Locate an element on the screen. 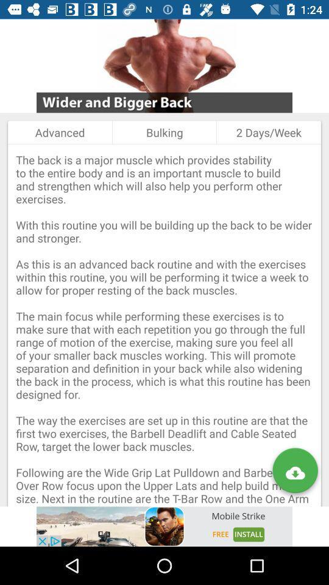 This screenshot has height=585, width=329. item above the back is item is located at coordinates (59, 132).